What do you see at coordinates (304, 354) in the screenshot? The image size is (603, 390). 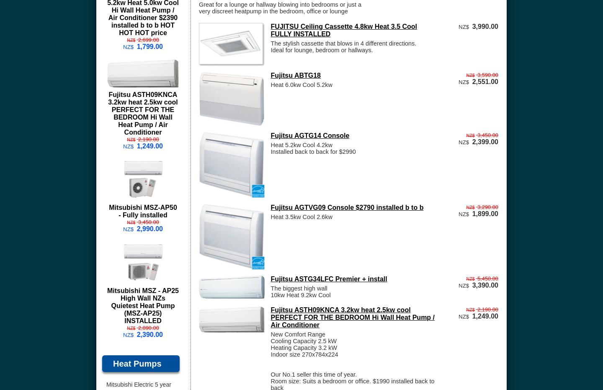 I see `'Indoor size 270x784x224'` at bounding box center [304, 354].